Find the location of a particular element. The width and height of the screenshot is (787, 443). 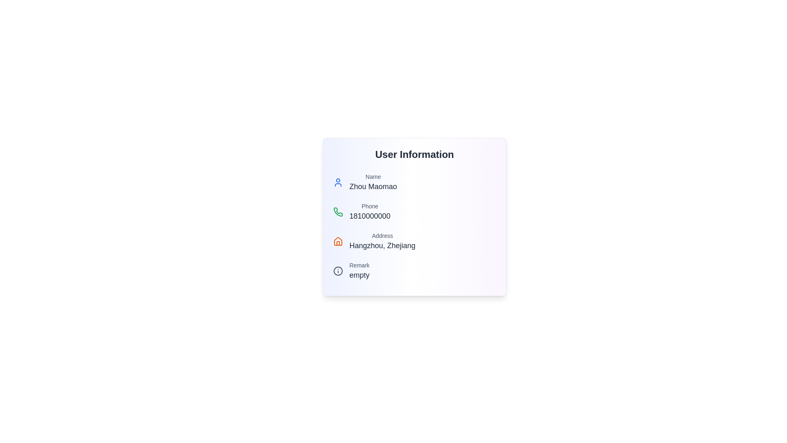

the Address information display element, which is the third item in a vertical list of user information is located at coordinates (414, 241).